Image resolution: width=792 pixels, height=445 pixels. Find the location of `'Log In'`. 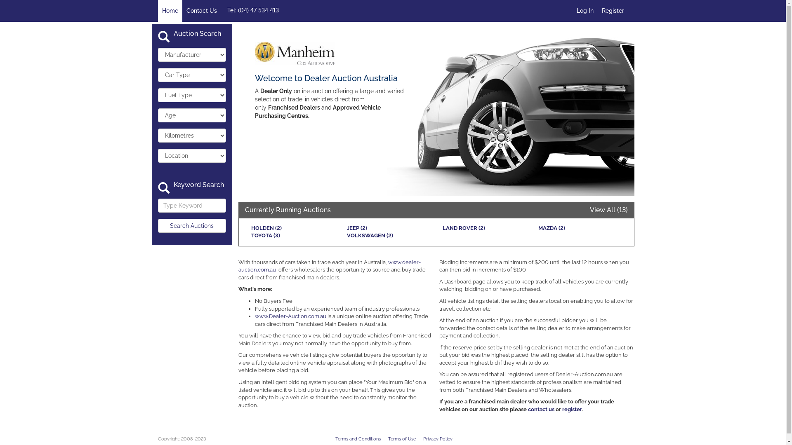

'Log In' is located at coordinates (585, 11).